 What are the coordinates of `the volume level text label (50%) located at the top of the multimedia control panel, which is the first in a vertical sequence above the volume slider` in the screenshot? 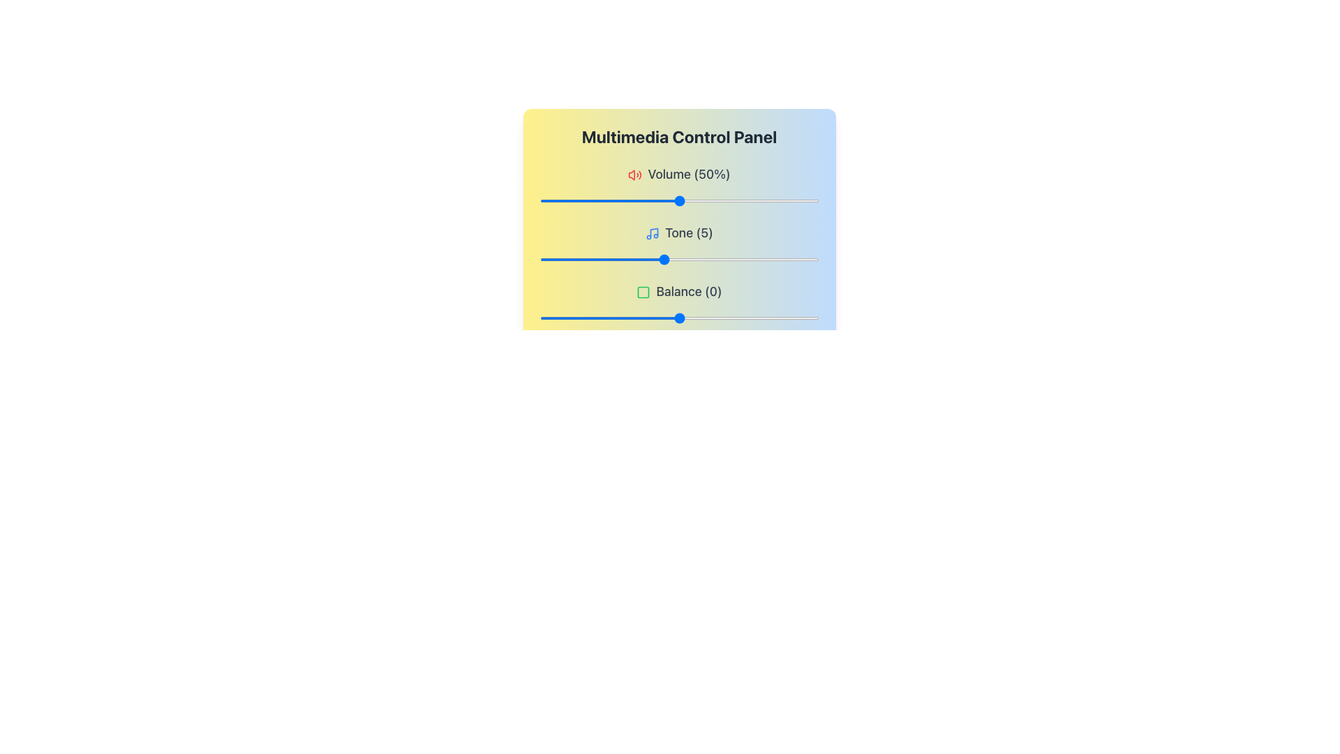 It's located at (679, 174).